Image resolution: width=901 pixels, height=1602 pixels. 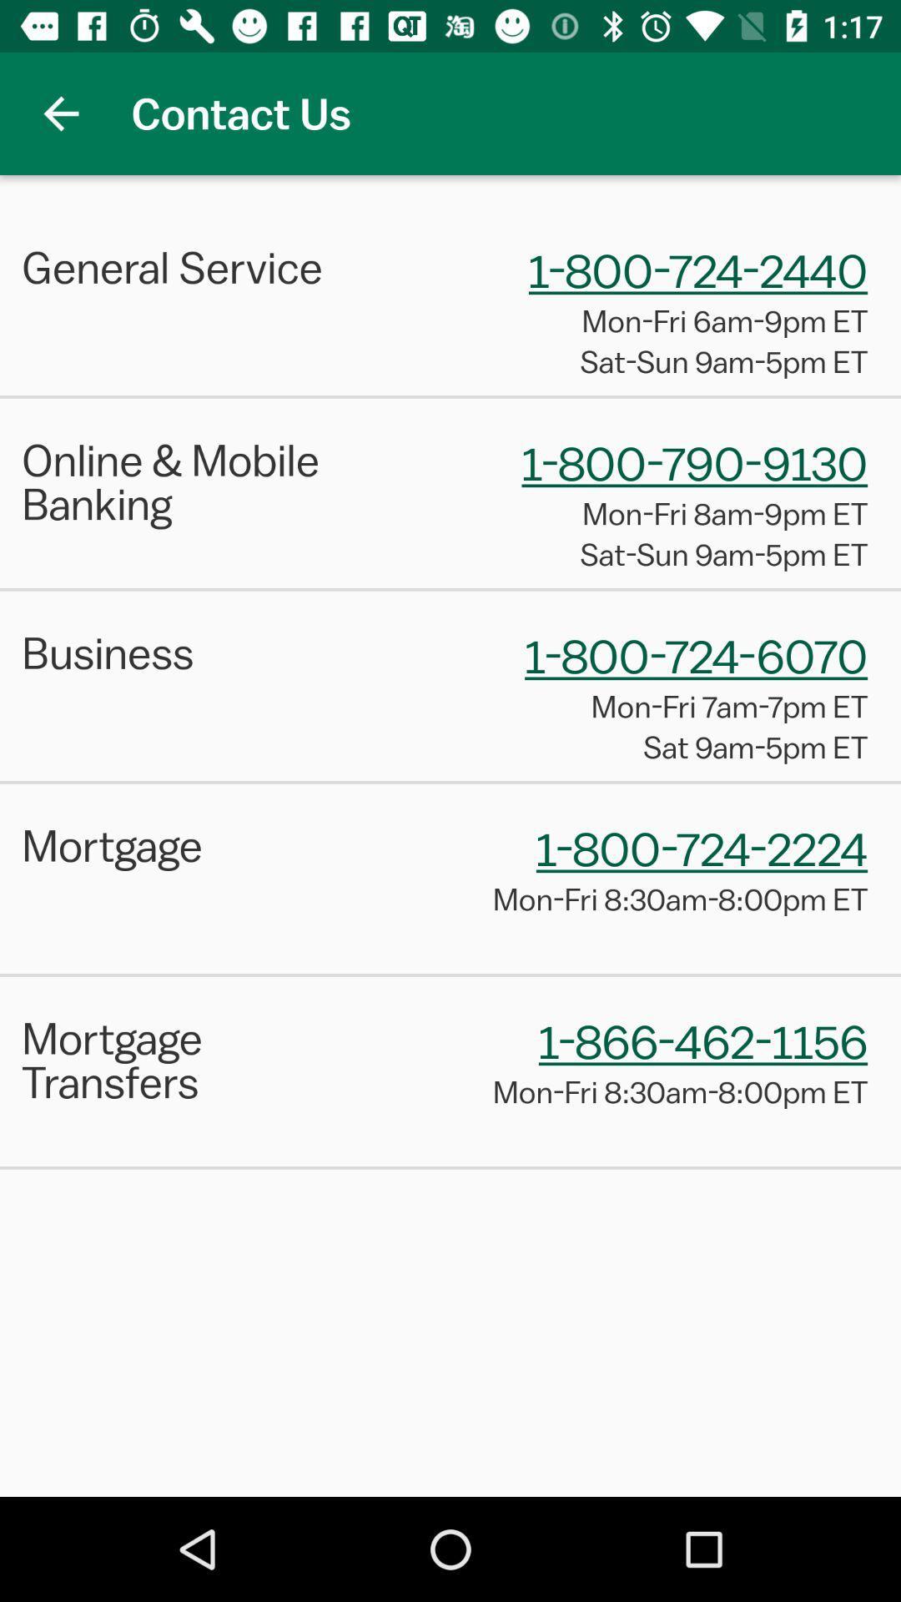 What do you see at coordinates (196, 1059) in the screenshot?
I see `the icon next to the mon fri 8 item` at bounding box center [196, 1059].